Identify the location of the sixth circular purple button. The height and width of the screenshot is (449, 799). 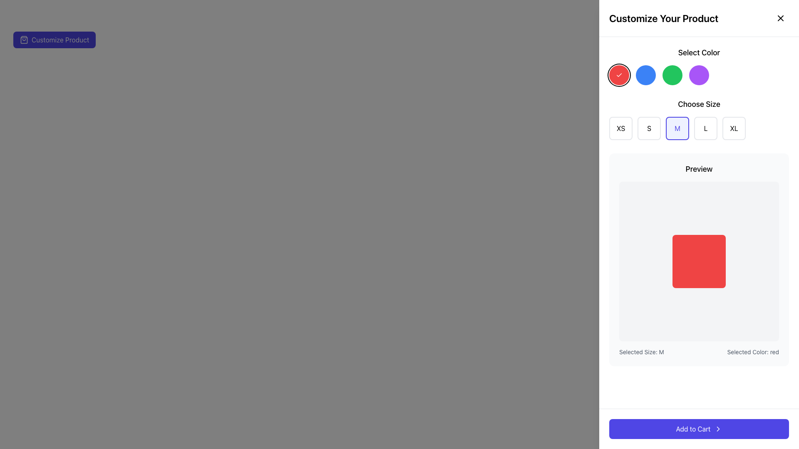
(699, 75).